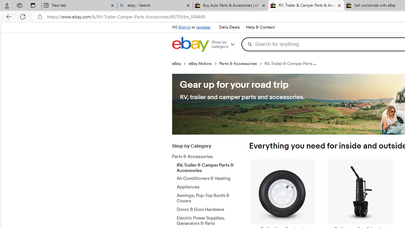  I want to click on 'Help & Contact', so click(260, 27).